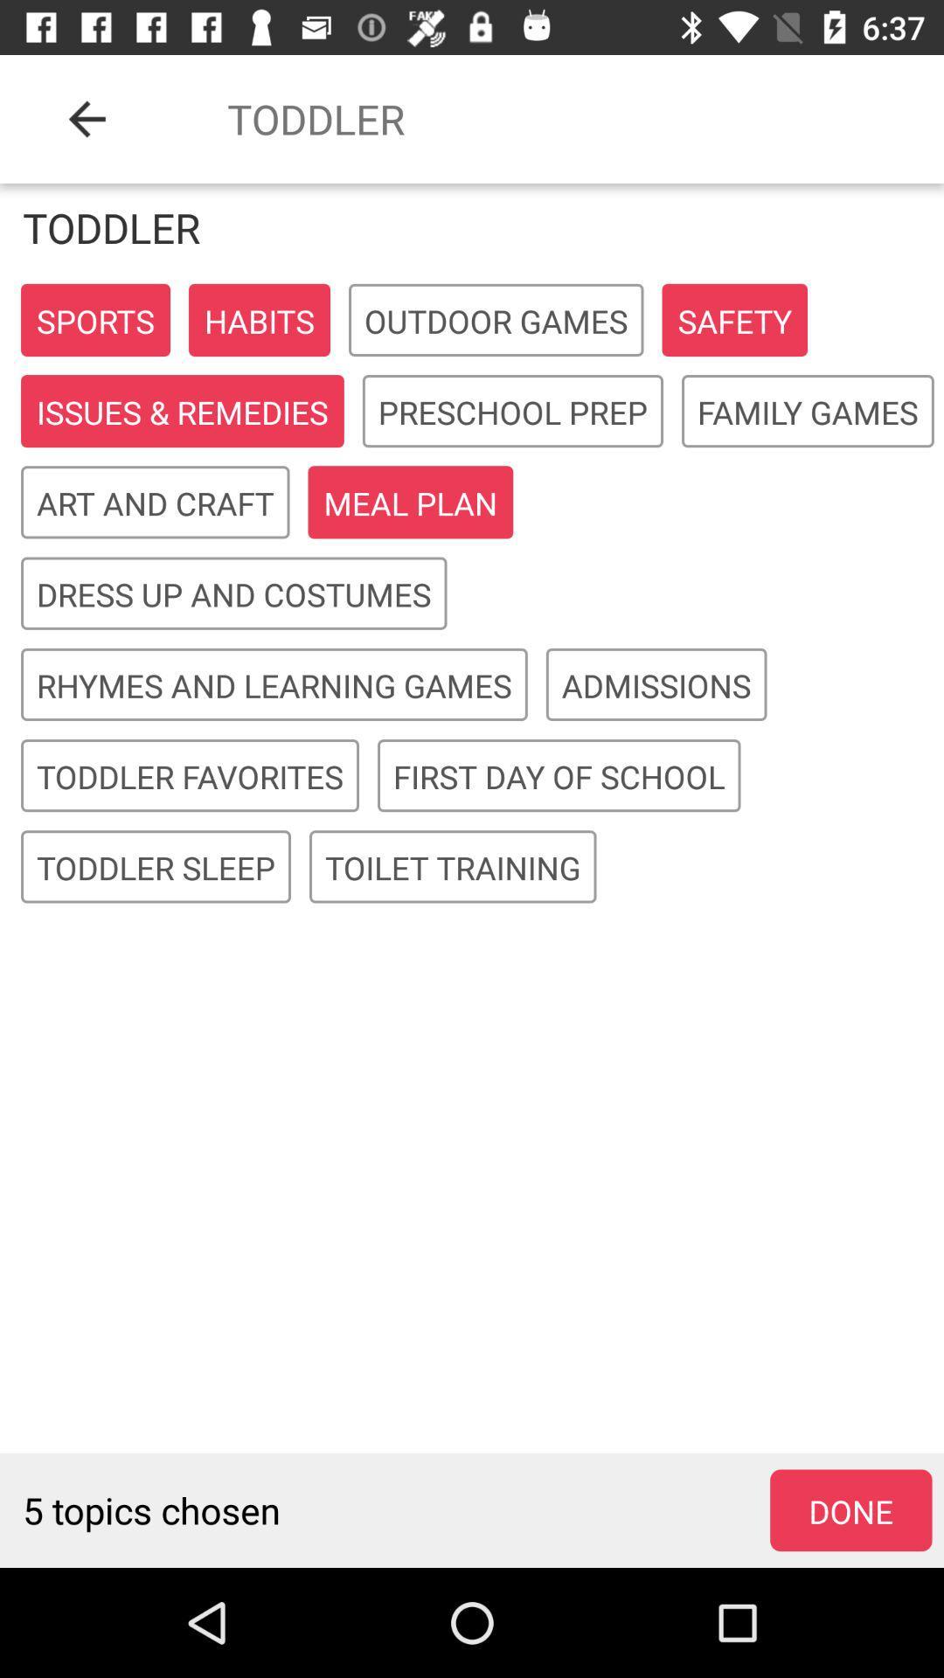 This screenshot has height=1678, width=944. Describe the element at coordinates (154, 503) in the screenshot. I see `icon above the dress up and icon` at that location.